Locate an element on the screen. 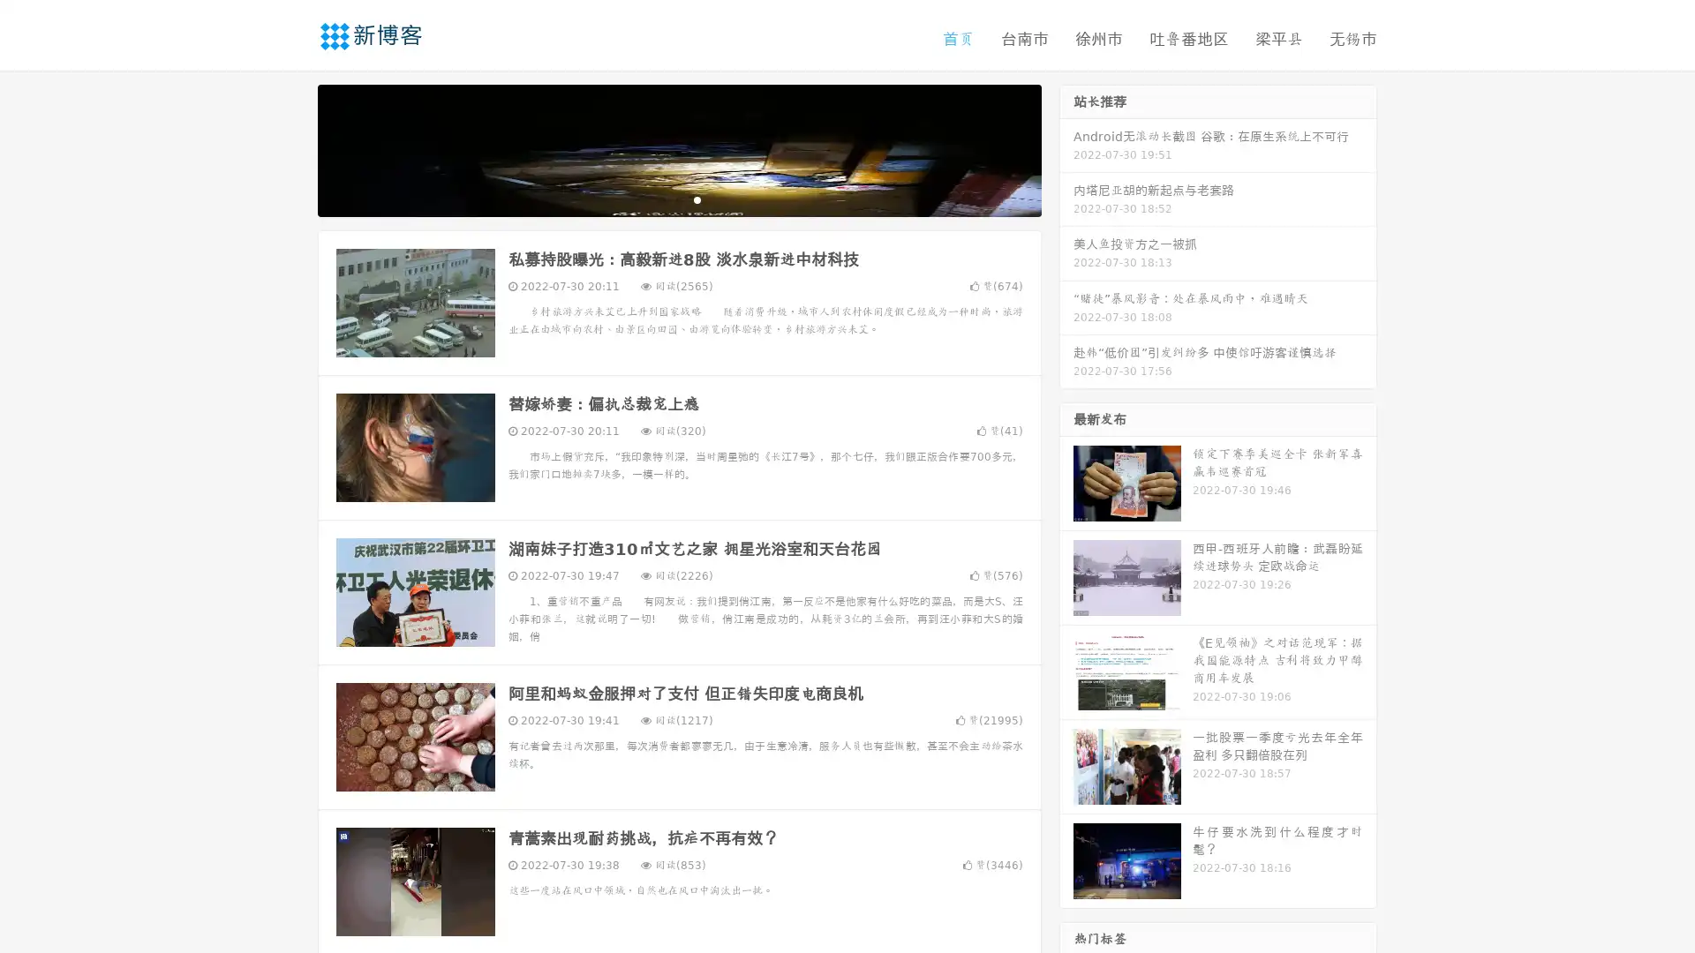  Go to slide 3 is located at coordinates (697, 199).